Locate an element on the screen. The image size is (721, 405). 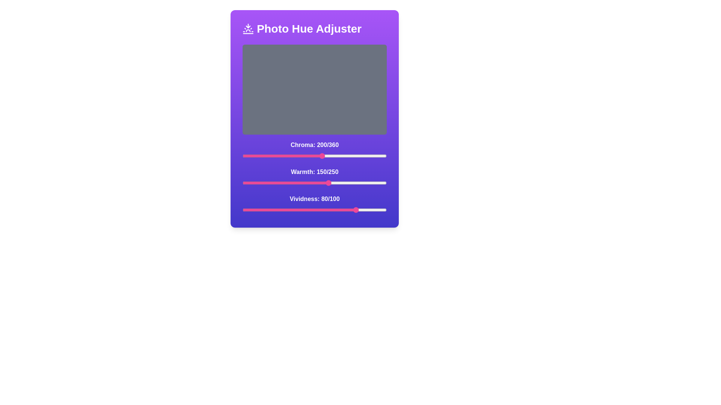
the warmth slider to 164 value is located at coordinates (336, 183).